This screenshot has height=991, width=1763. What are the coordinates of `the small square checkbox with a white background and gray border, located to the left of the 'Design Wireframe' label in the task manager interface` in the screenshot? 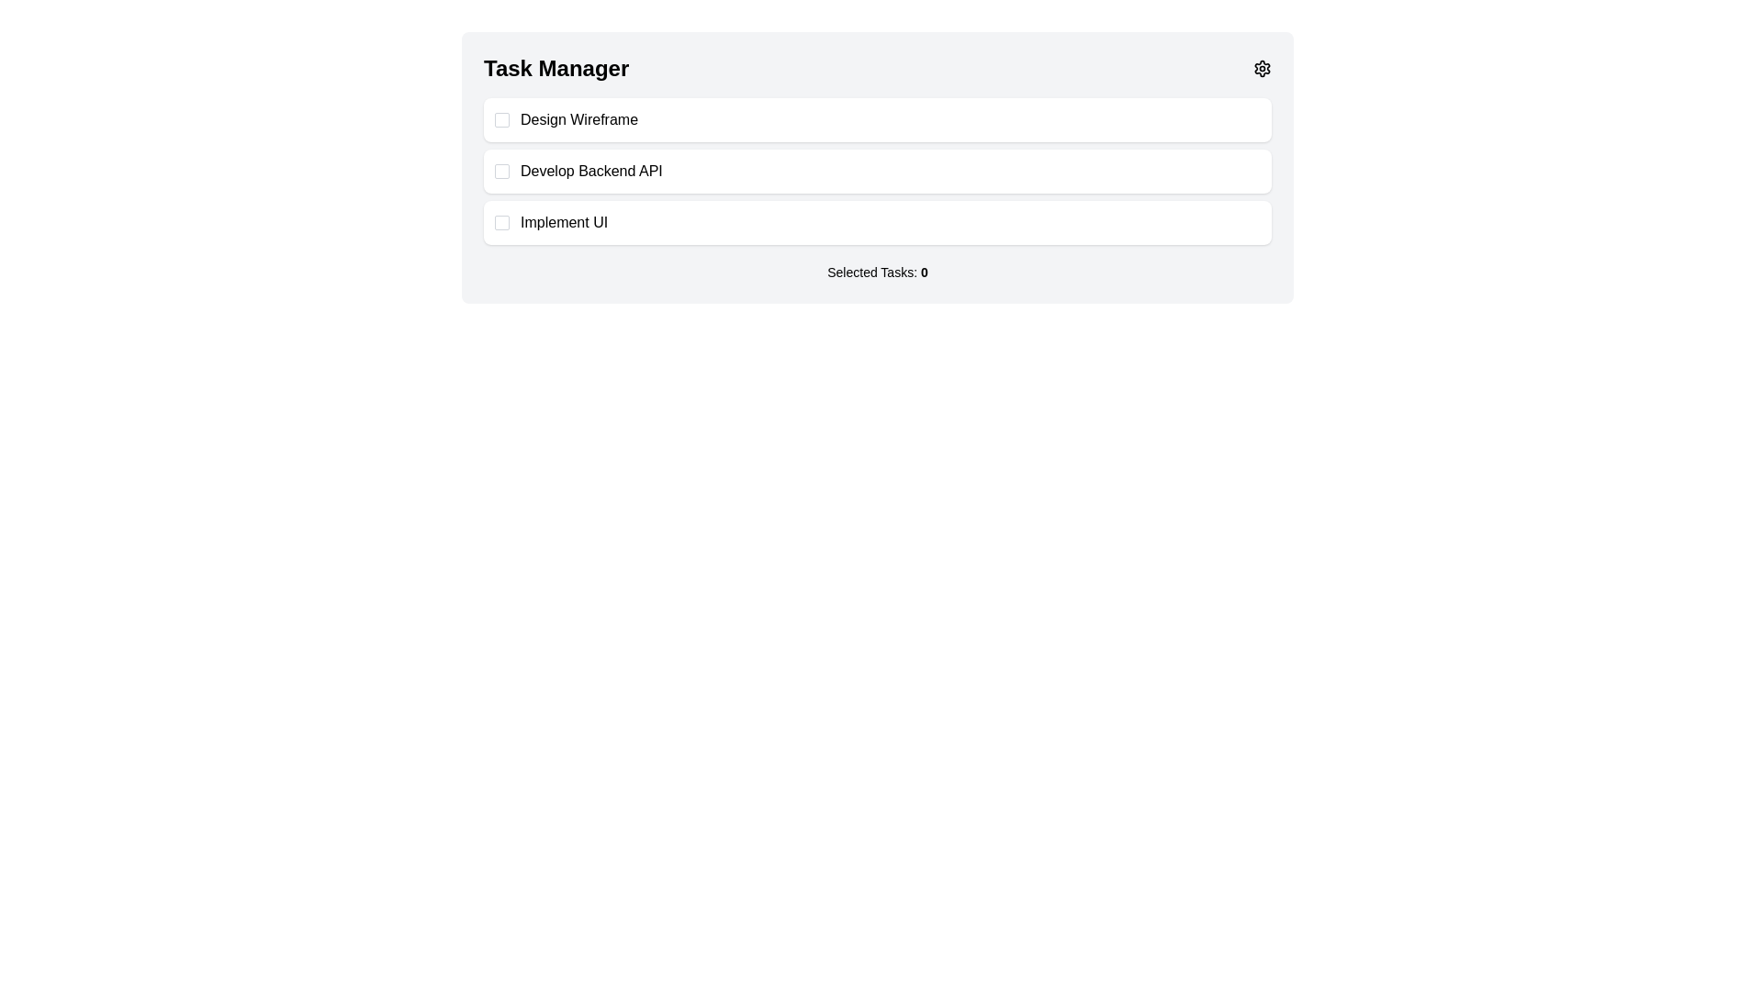 It's located at (502, 120).